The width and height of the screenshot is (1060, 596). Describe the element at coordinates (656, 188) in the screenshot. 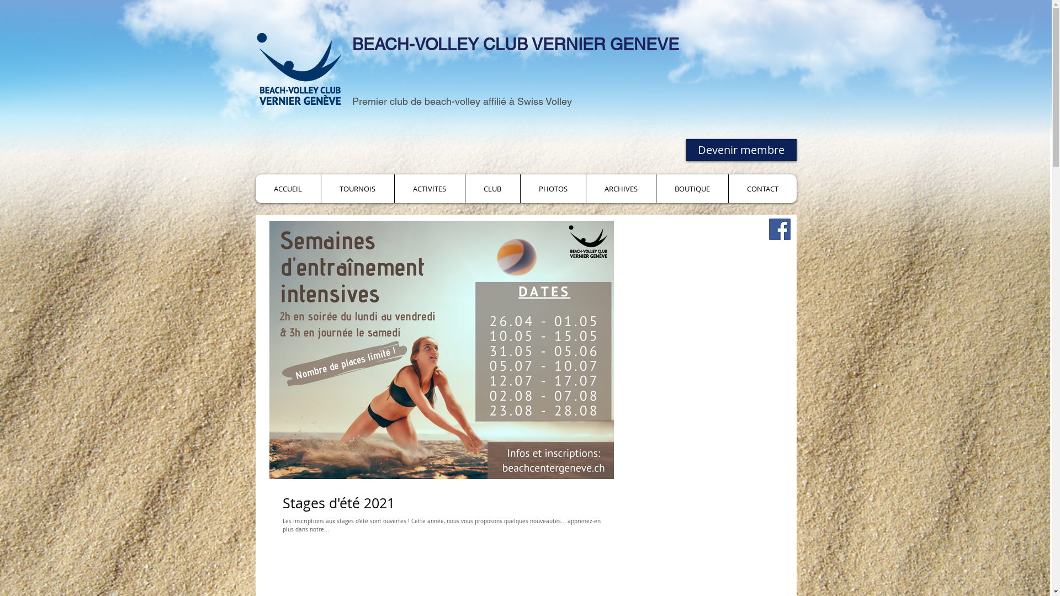

I see `'BOUTIQUE'` at that location.